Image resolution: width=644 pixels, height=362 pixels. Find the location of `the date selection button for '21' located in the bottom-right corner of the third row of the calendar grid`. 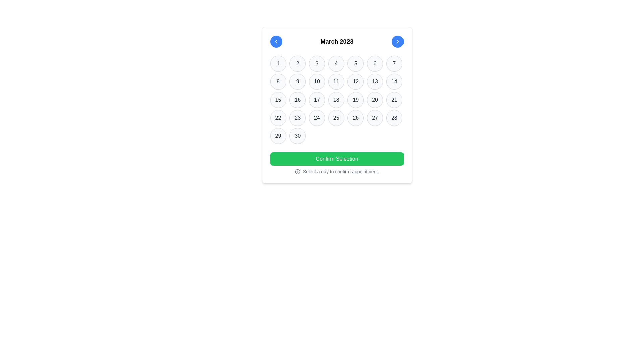

the date selection button for '21' located in the bottom-right corner of the third row of the calendar grid is located at coordinates (394, 100).